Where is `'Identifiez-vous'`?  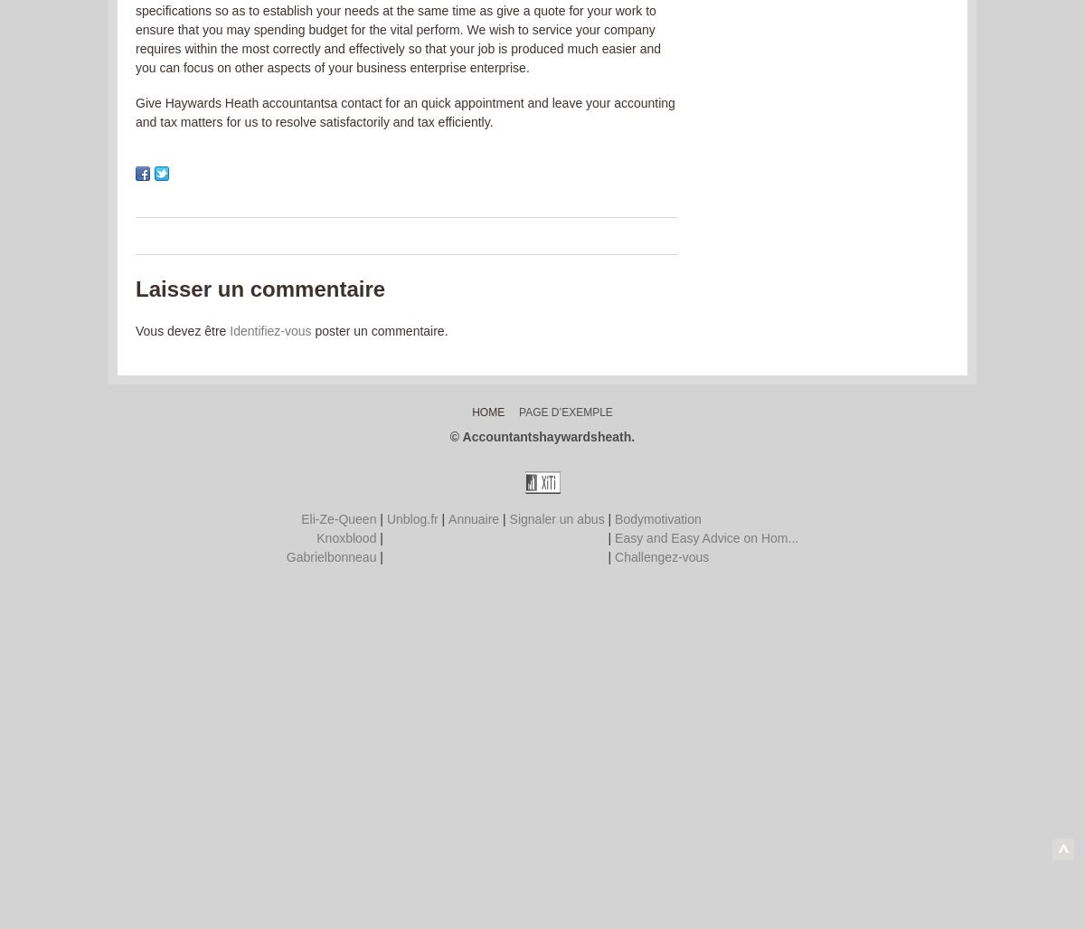 'Identifiez-vous' is located at coordinates (269, 331).